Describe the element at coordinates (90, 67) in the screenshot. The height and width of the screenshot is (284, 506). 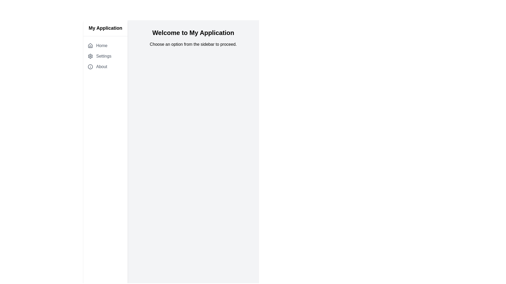
I see `the 'About' icon in the vertical navigation menu, which is the third item following 'Home' and 'Settings'` at that location.